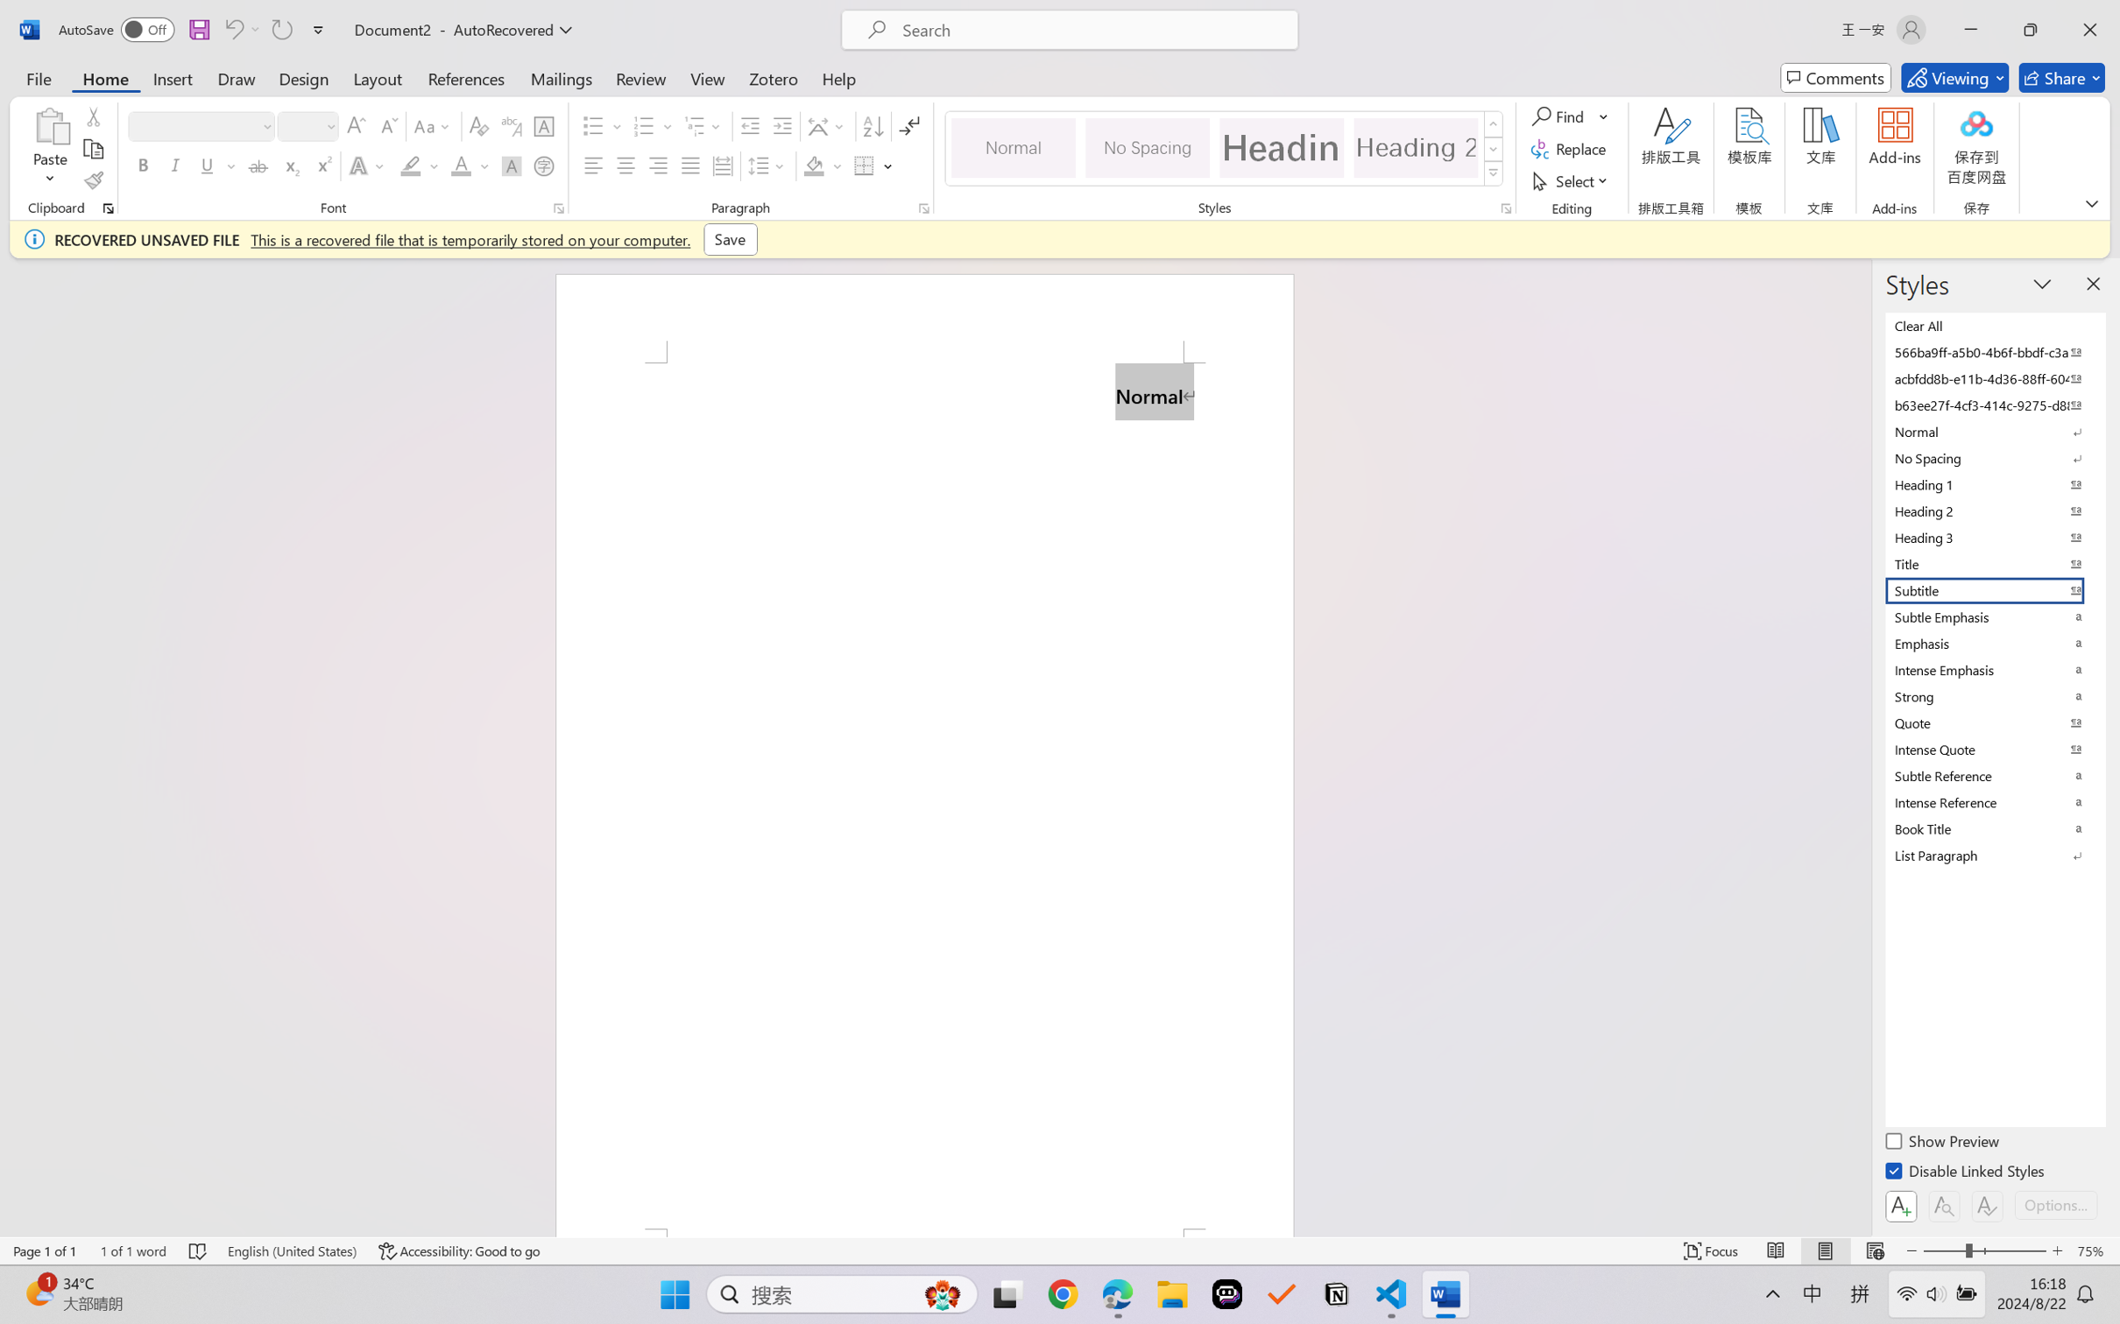 The image size is (2120, 1324). What do you see at coordinates (2053, 1204) in the screenshot?
I see `'Options...'` at bounding box center [2053, 1204].